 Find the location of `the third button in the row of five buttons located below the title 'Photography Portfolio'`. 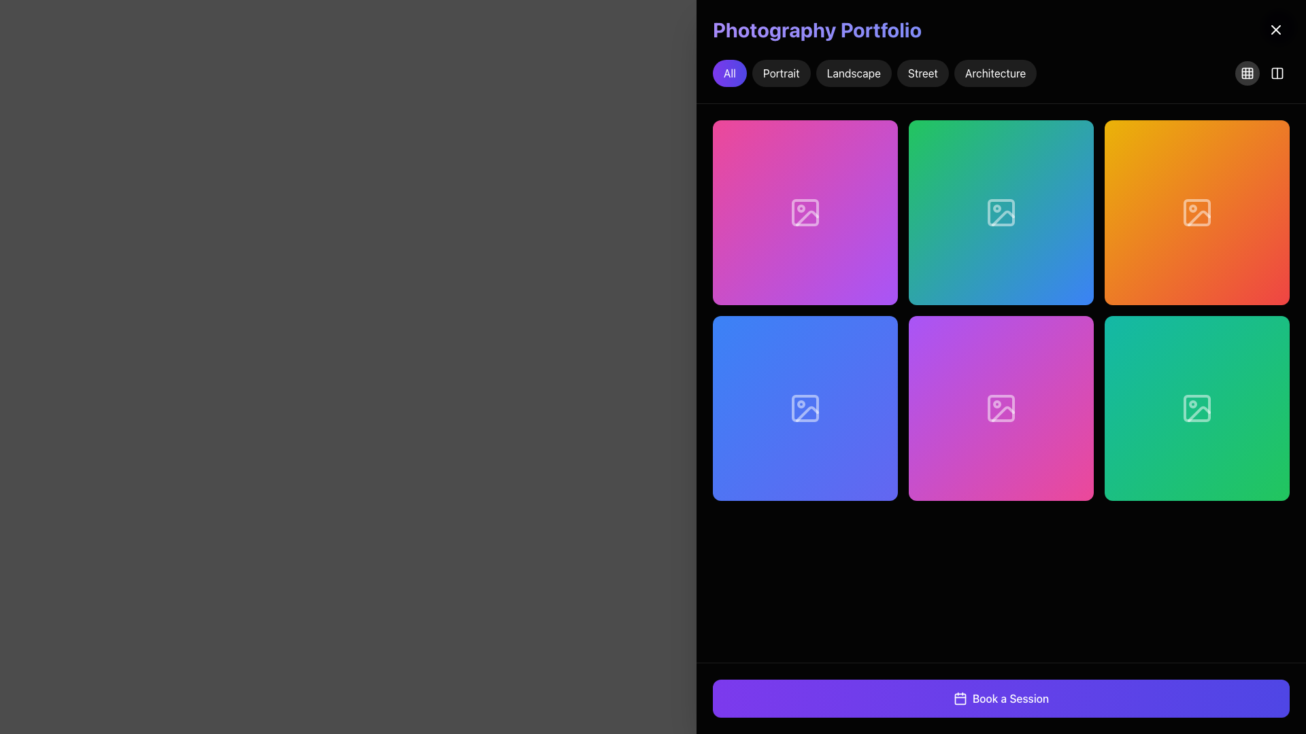

the third button in the row of five buttons located below the title 'Photography Portfolio' is located at coordinates (875, 73).